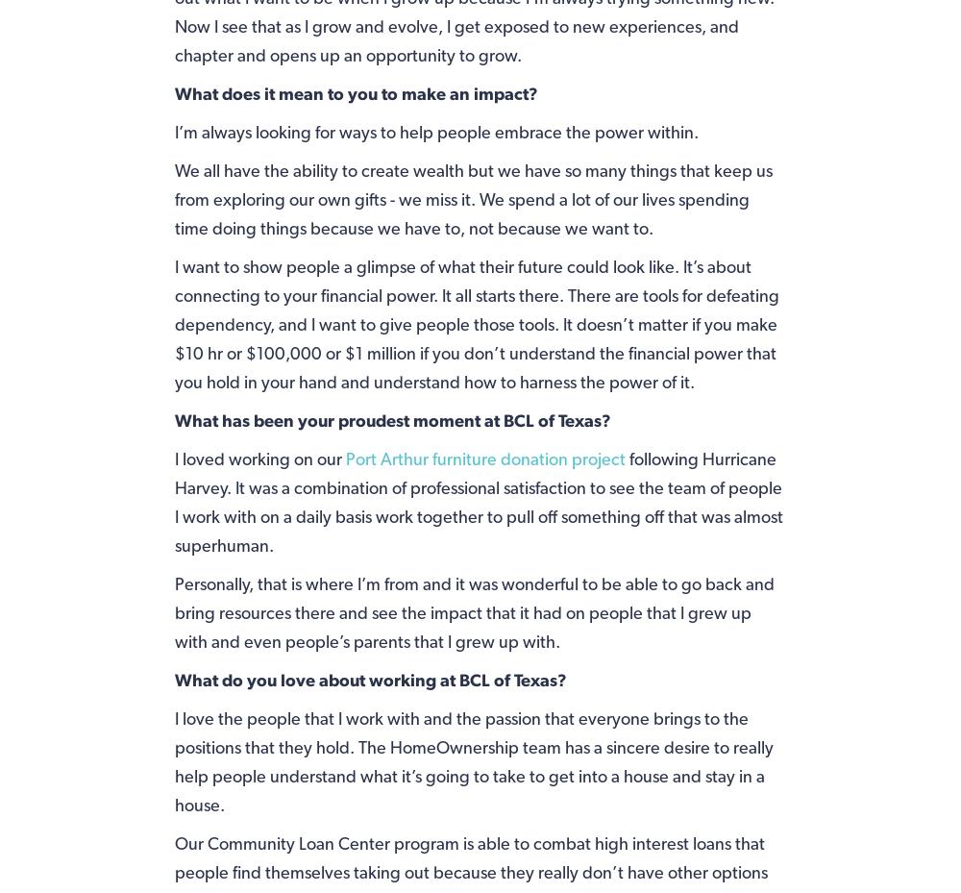 This screenshot has height=893, width=961. Describe the element at coordinates (370, 679) in the screenshot. I see `'What do you love about working at BCL of Texas?'` at that location.